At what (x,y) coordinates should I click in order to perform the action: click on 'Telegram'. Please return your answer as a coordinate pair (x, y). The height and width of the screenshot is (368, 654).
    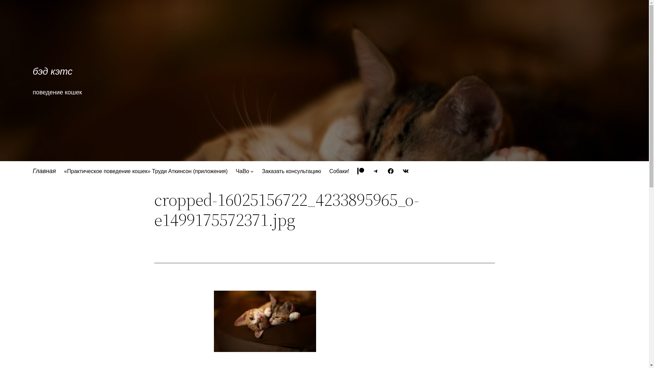
    Looking at the image, I should click on (375, 170).